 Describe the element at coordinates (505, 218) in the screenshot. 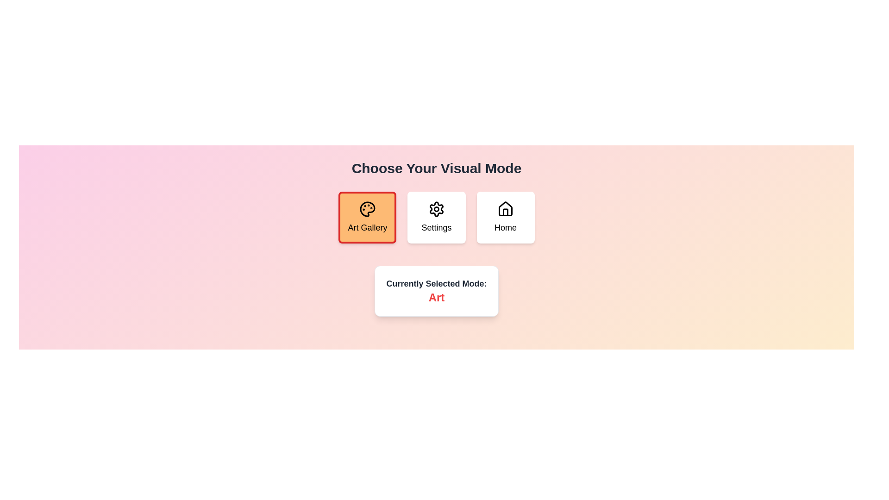

I see `the mode labeled Home to inspect its icon and label` at that location.